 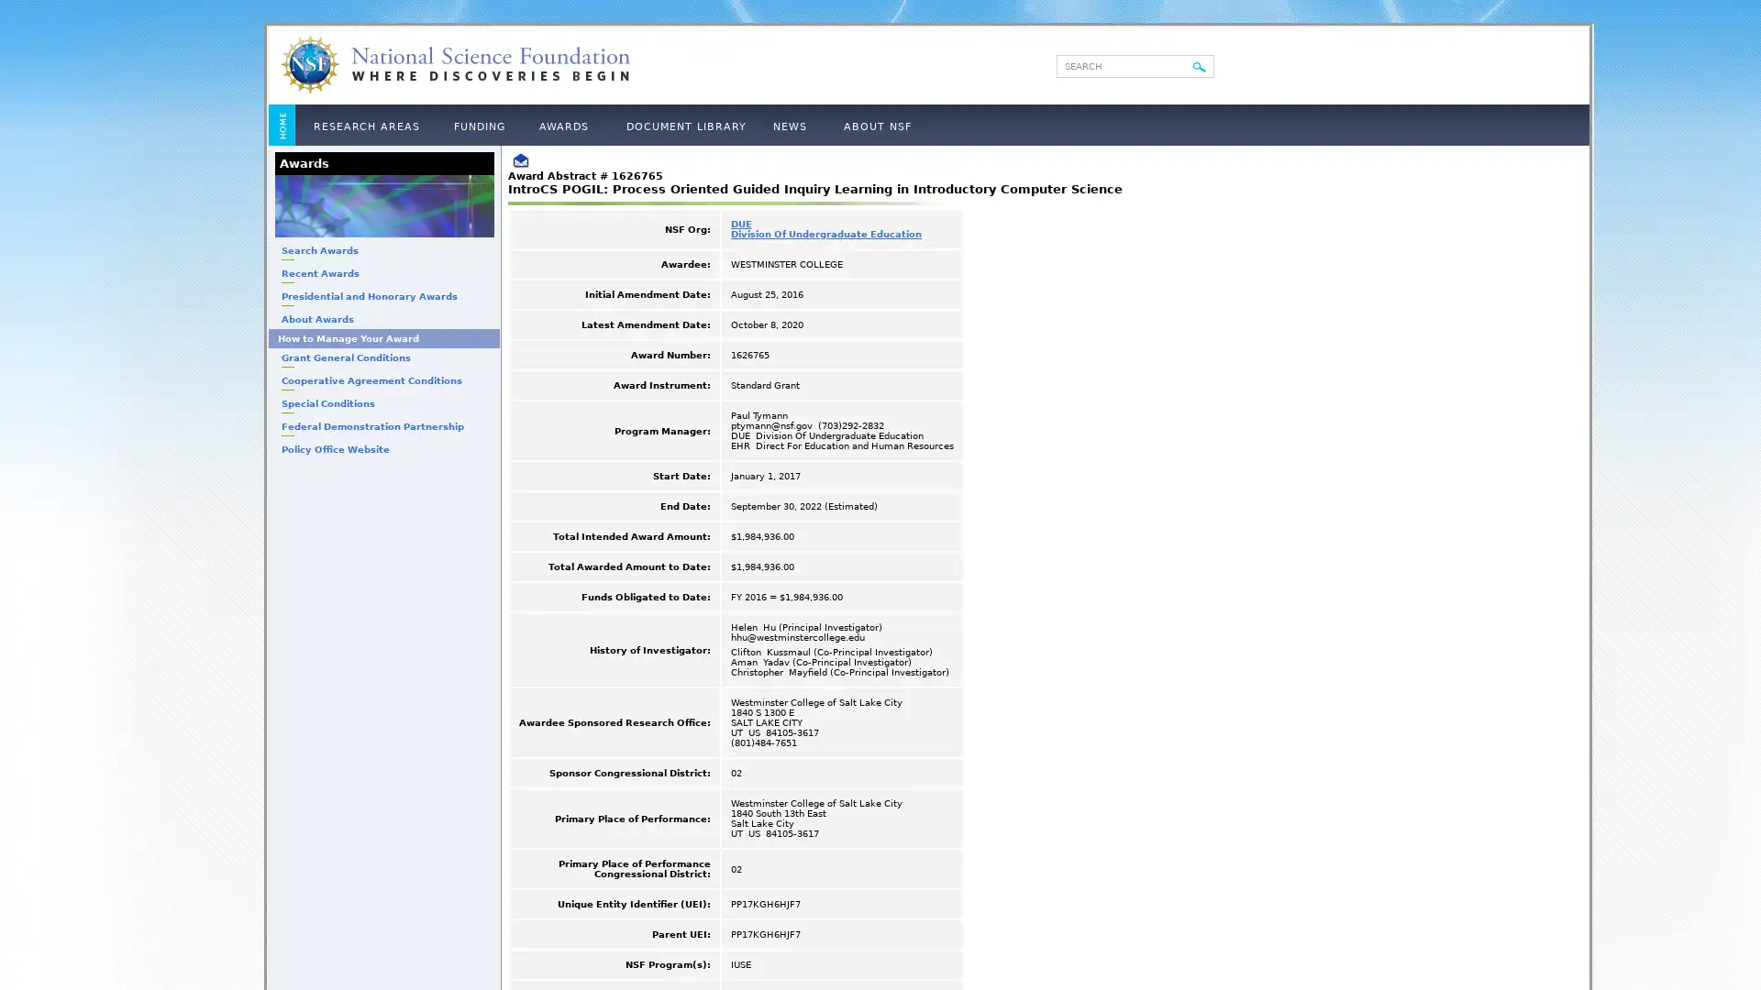 I want to click on Search, so click(x=1200, y=66).